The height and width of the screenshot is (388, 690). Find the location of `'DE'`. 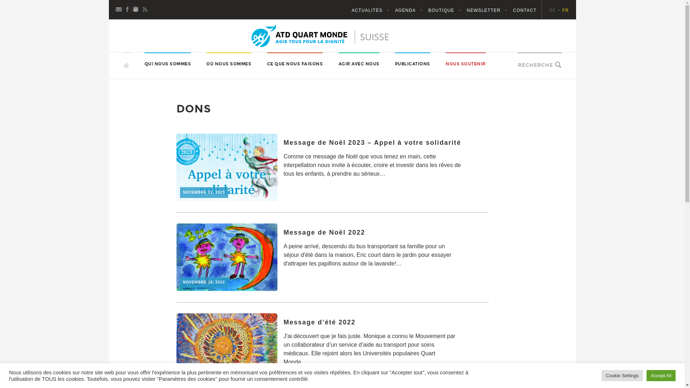

'DE' is located at coordinates (555, 10).